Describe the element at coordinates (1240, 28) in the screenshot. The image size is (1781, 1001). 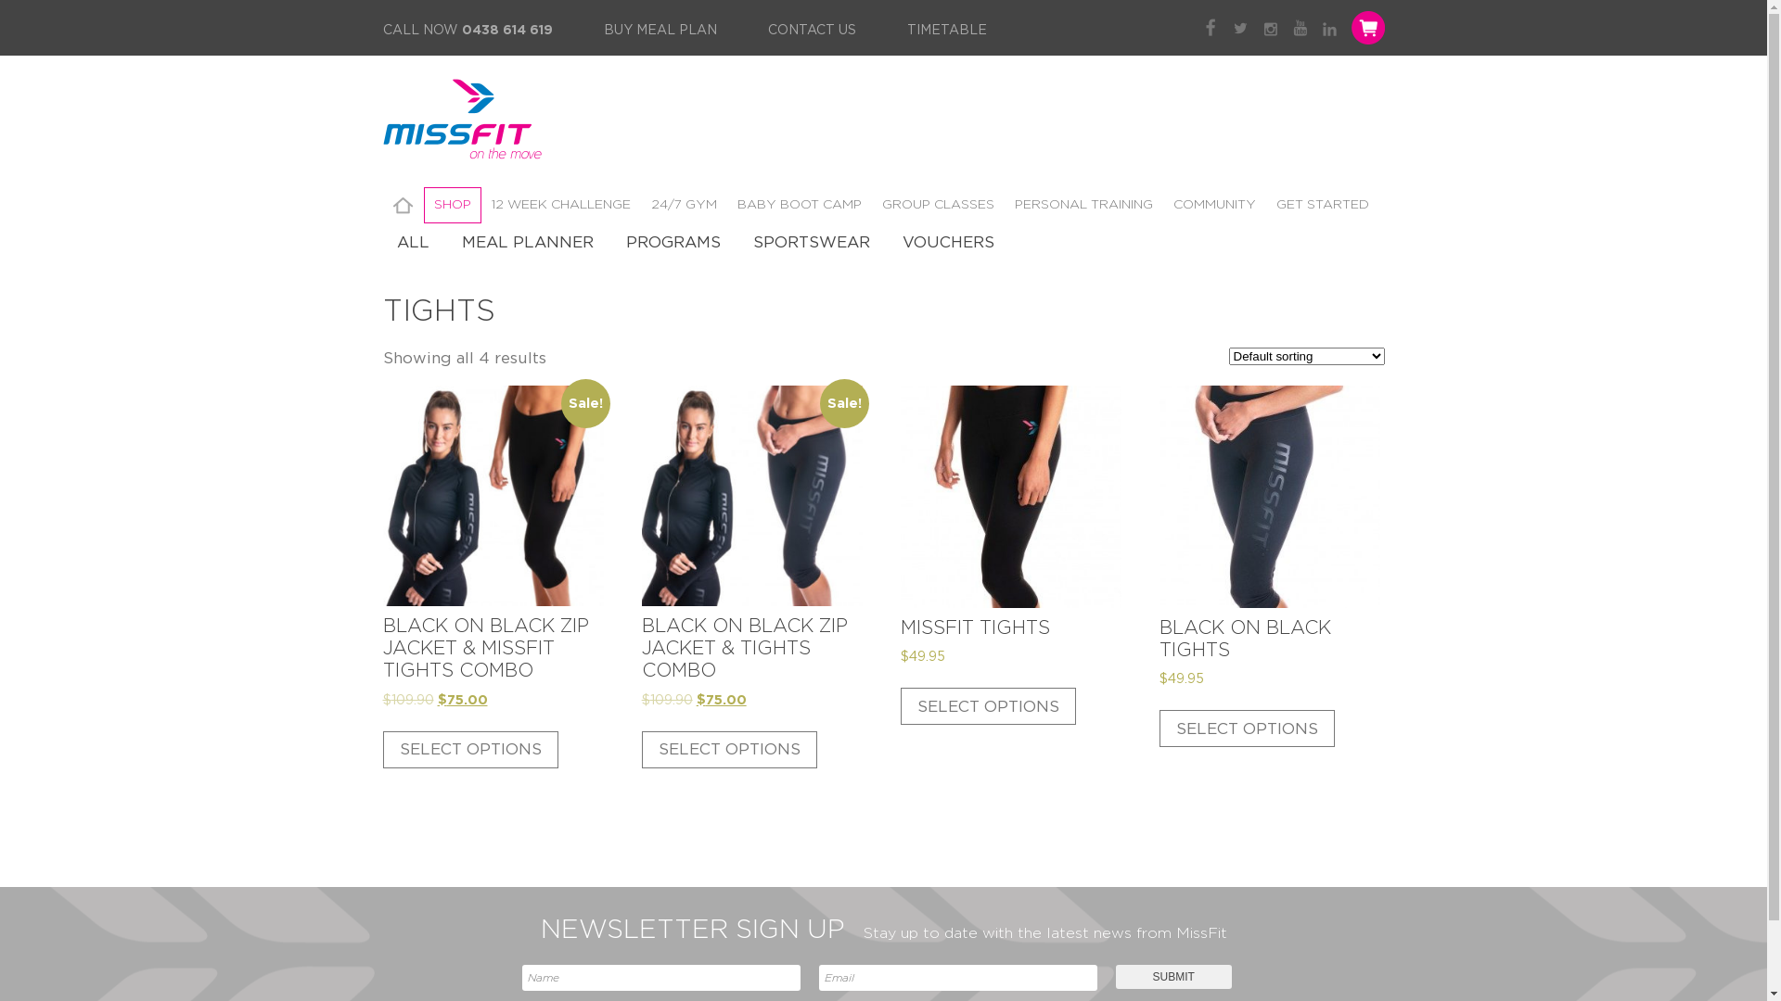
I see `'Twitter'` at that location.